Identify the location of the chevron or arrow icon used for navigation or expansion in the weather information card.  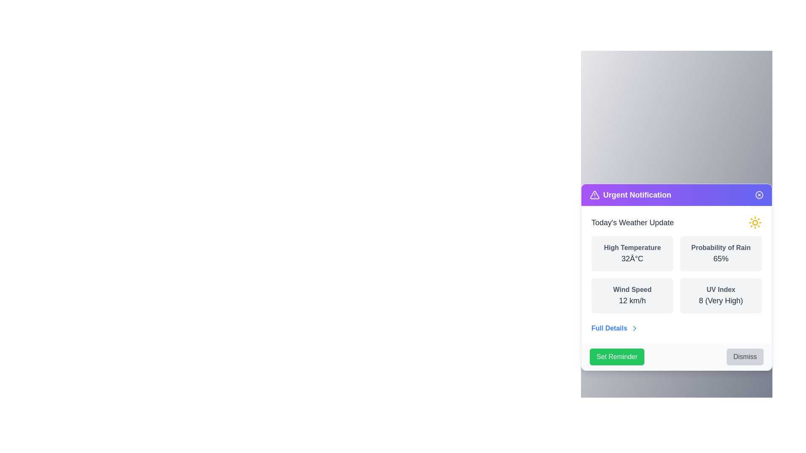
(635, 328).